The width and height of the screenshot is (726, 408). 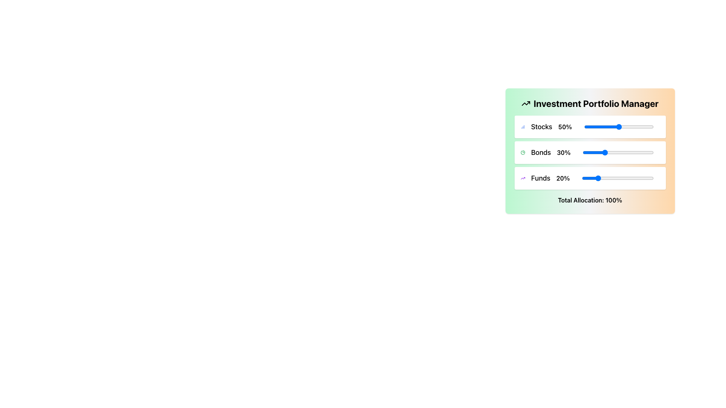 What do you see at coordinates (582, 178) in the screenshot?
I see `the 'Funds' allocation` at bounding box center [582, 178].